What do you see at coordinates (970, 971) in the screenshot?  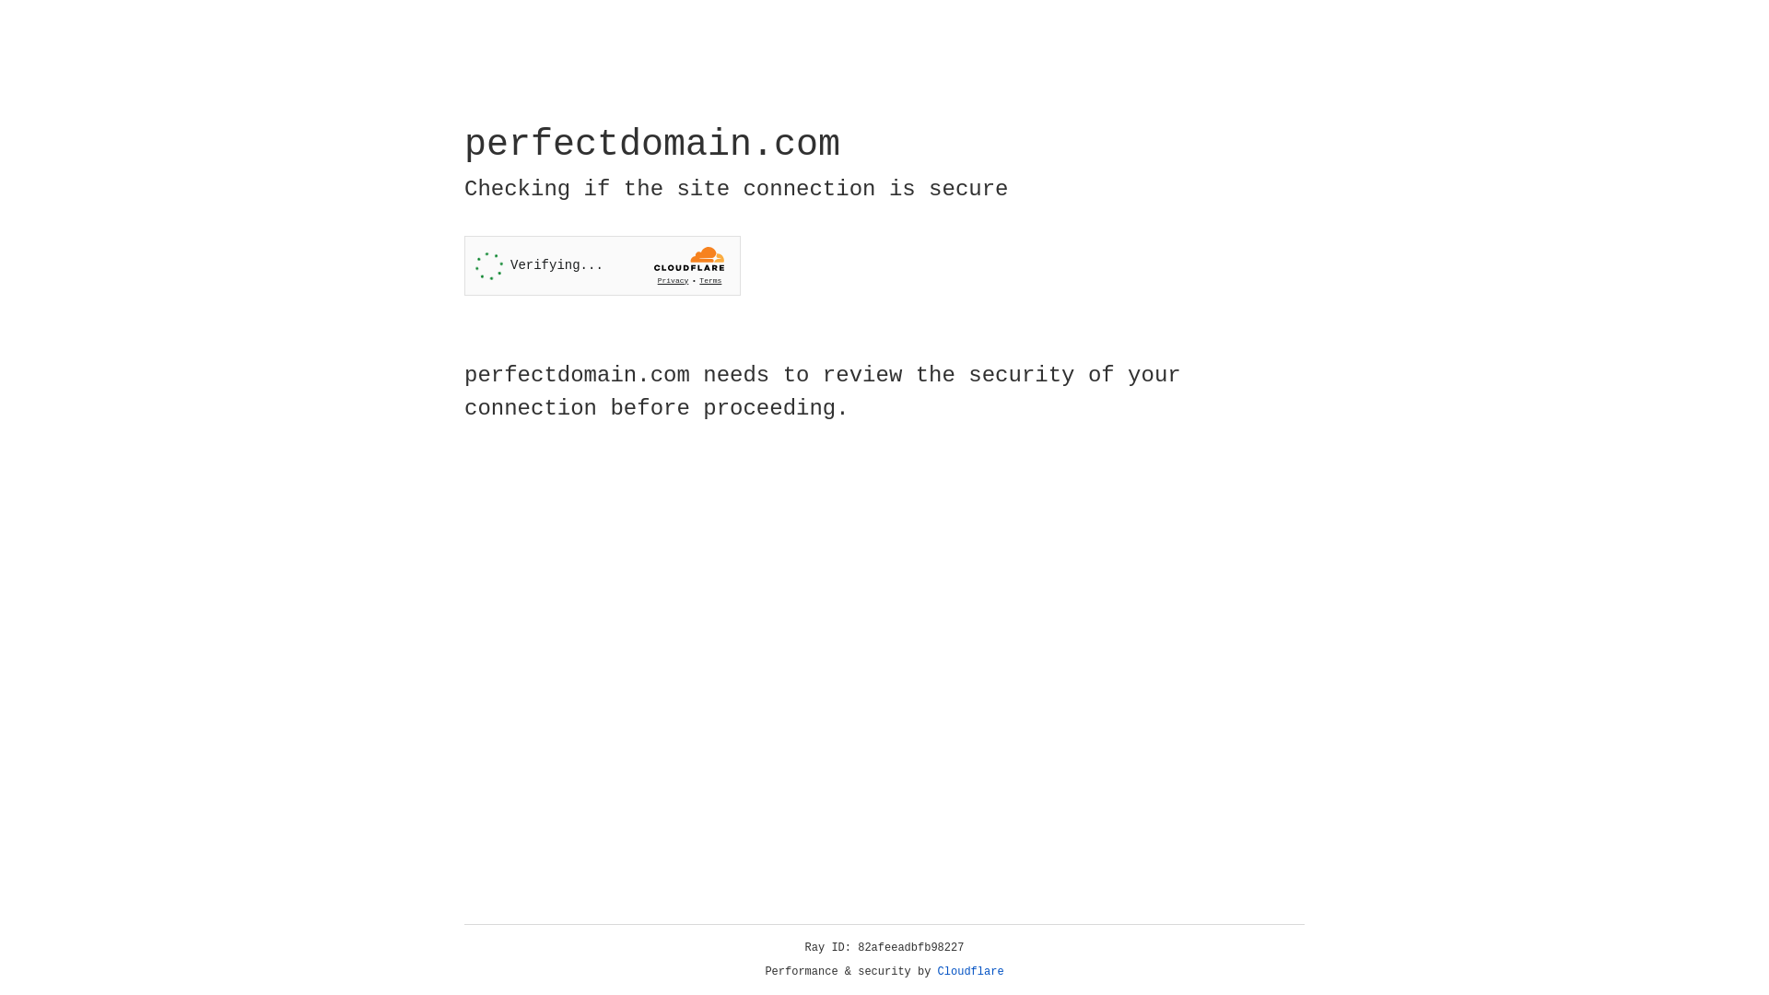 I see `'Cloudflare'` at bounding box center [970, 971].